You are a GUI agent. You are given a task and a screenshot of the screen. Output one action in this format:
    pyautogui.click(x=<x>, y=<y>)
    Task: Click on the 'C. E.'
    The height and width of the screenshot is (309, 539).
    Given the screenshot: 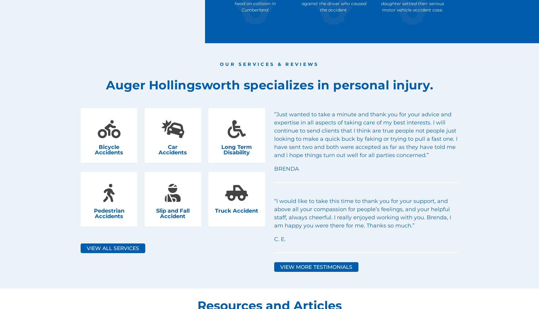 What is the action you would take?
    pyautogui.click(x=279, y=239)
    